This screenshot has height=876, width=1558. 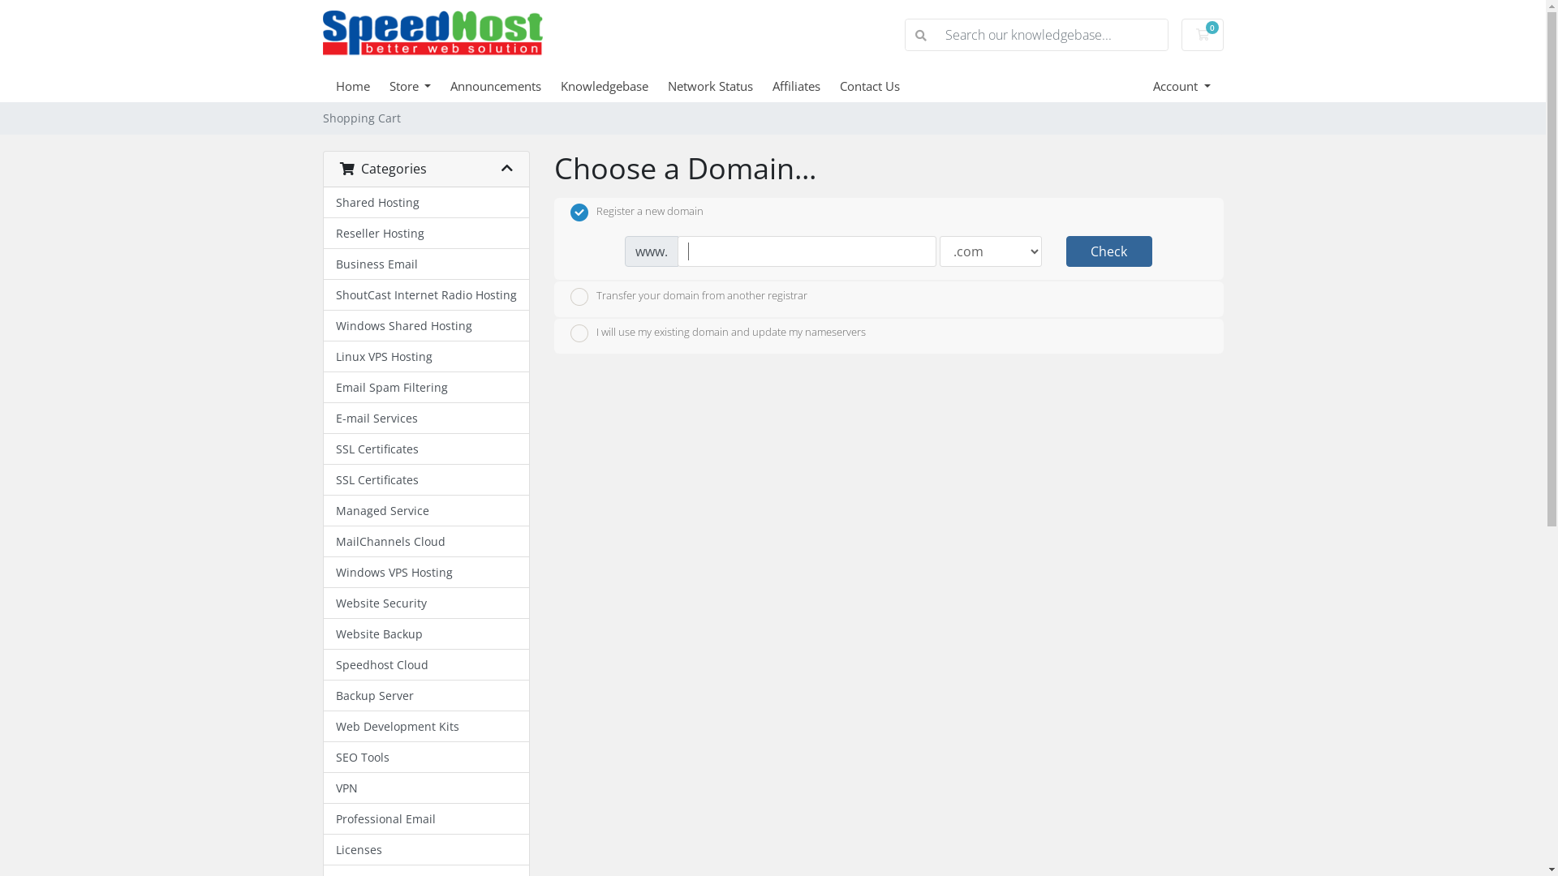 What do you see at coordinates (425, 665) in the screenshot?
I see `'Speedhost Cloud'` at bounding box center [425, 665].